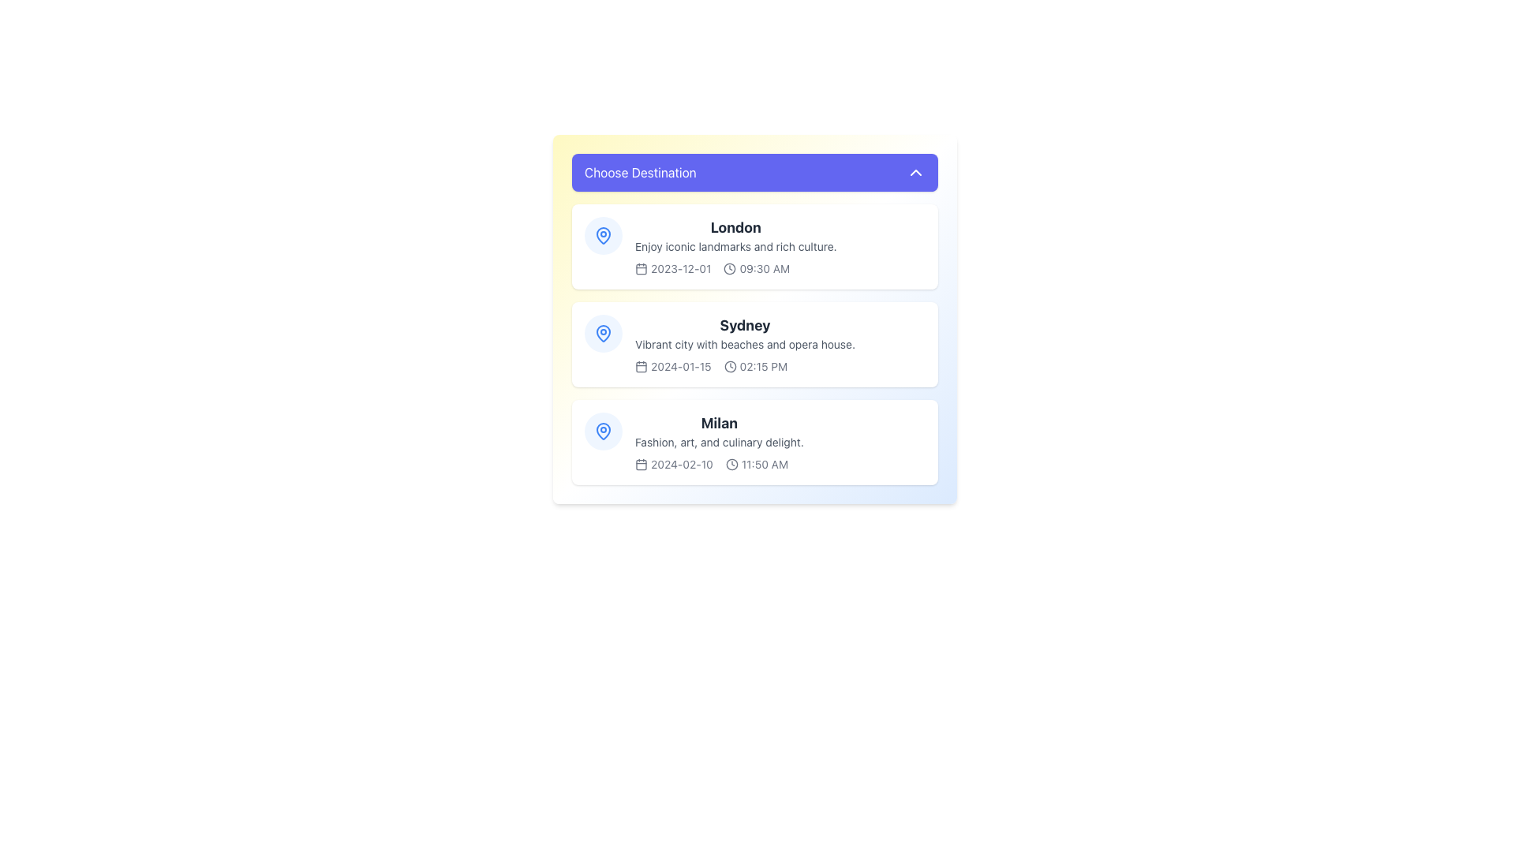 The image size is (1515, 852). What do you see at coordinates (602, 236) in the screenshot?
I see `the icon representing the geographical location related to the 'London' destination card, which is located on the left side of the first card in a vertical list of destination cards` at bounding box center [602, 236].